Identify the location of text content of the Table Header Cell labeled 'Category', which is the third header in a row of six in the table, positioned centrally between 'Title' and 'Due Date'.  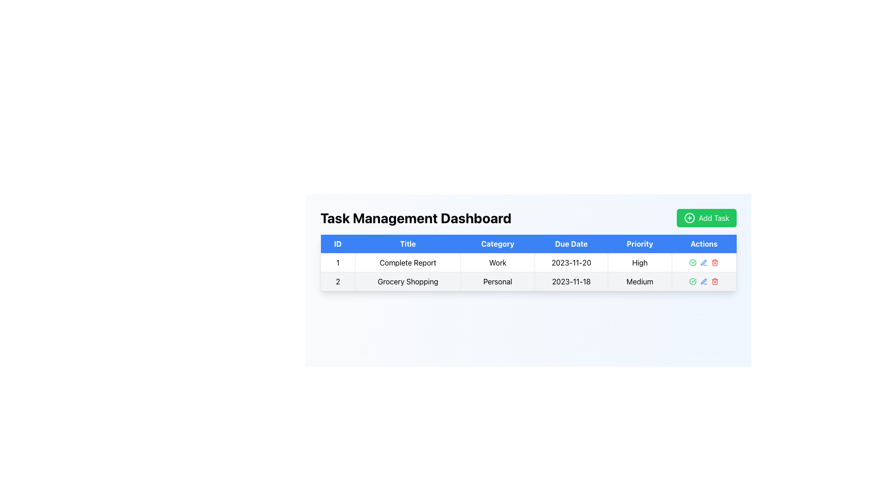
(497, 243).